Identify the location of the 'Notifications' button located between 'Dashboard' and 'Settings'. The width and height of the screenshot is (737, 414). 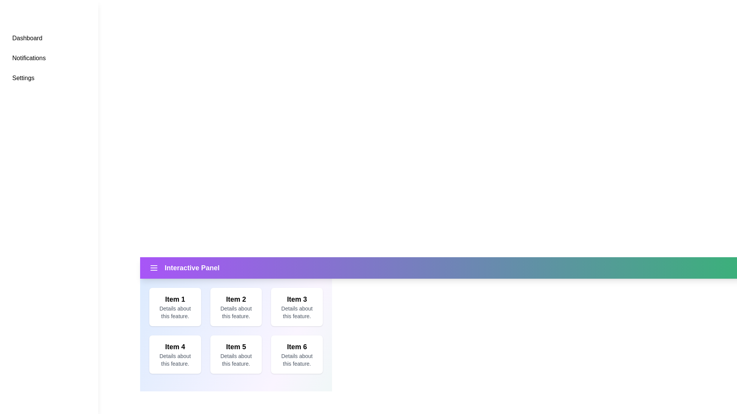
(49, 58).